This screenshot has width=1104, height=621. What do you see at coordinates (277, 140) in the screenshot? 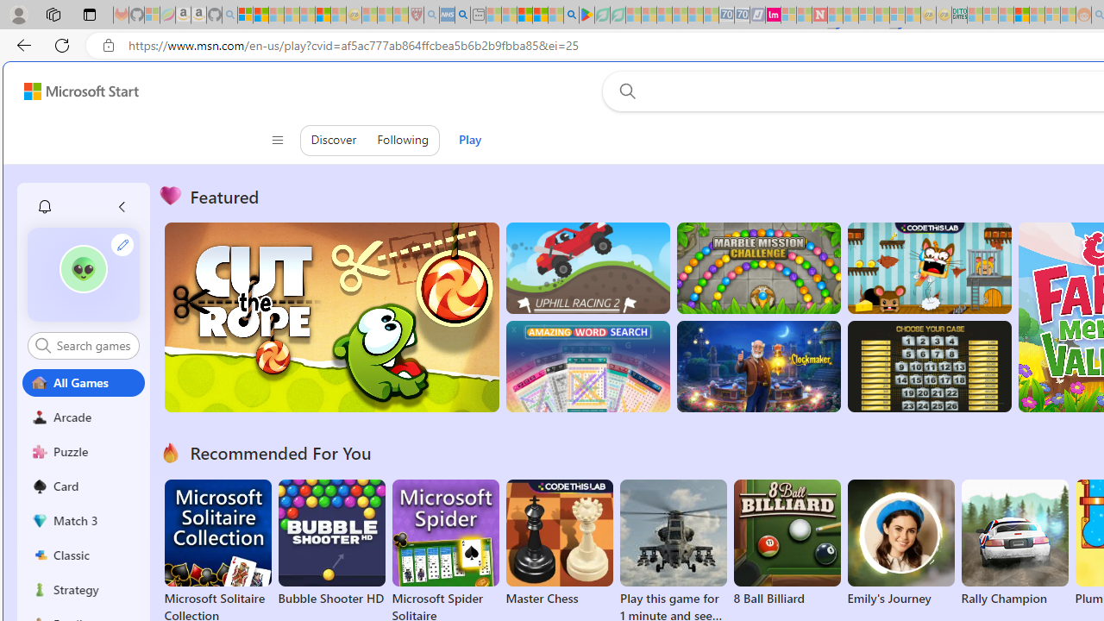
I see `'Class: control icon-only'` at bounding box center [277, 140].